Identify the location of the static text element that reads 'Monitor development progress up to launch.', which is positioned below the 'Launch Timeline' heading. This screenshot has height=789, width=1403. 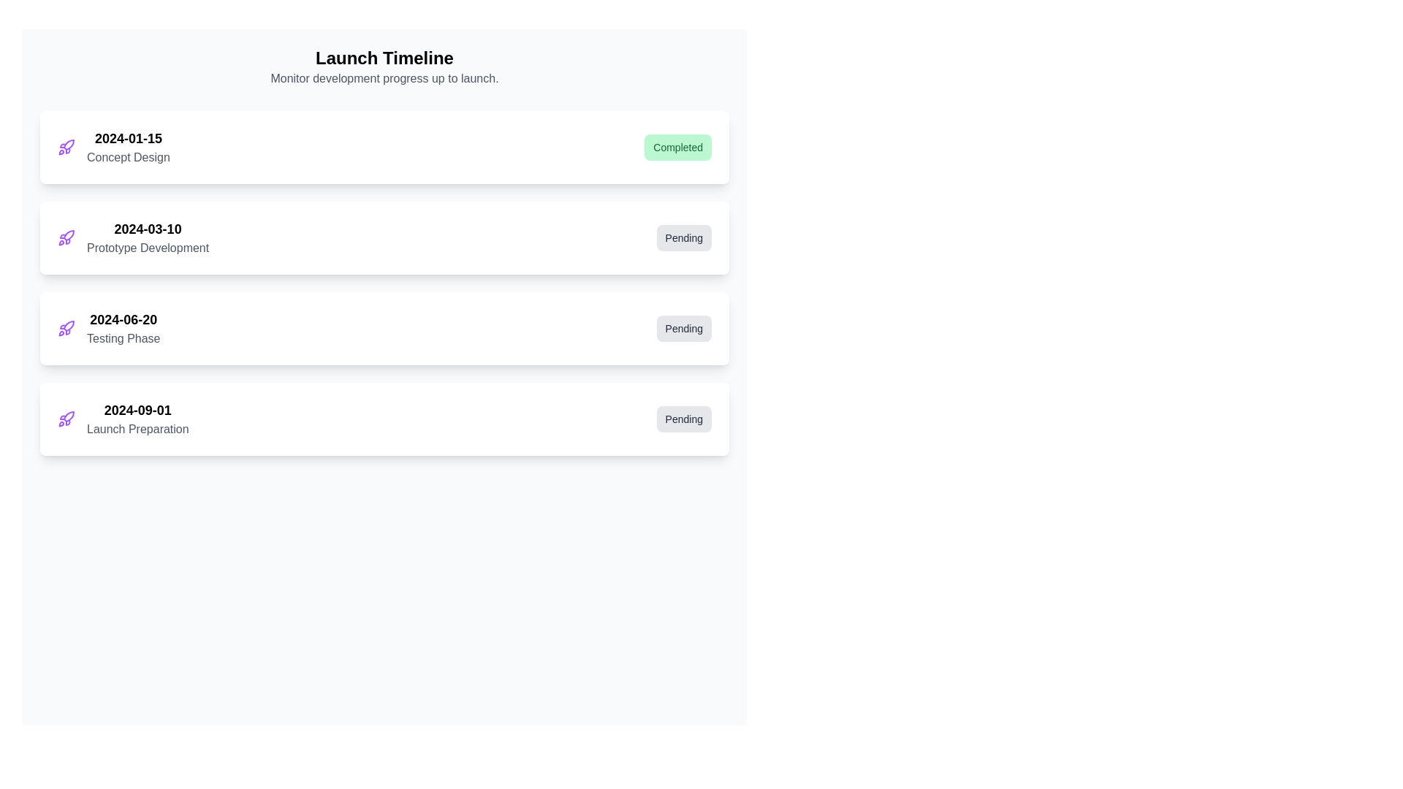
(384, 79).